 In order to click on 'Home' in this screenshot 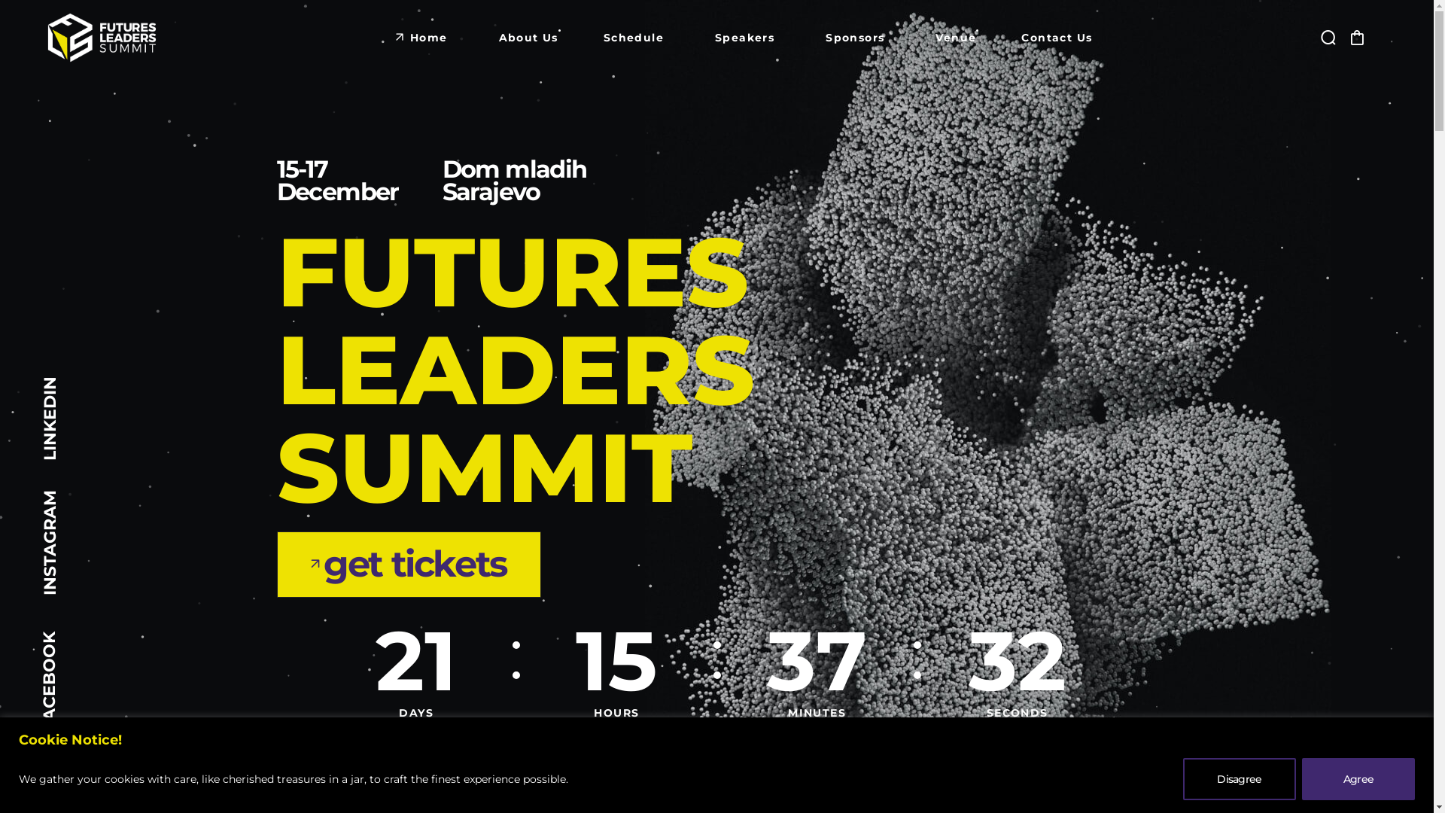, I will do `click(428, 37)`.